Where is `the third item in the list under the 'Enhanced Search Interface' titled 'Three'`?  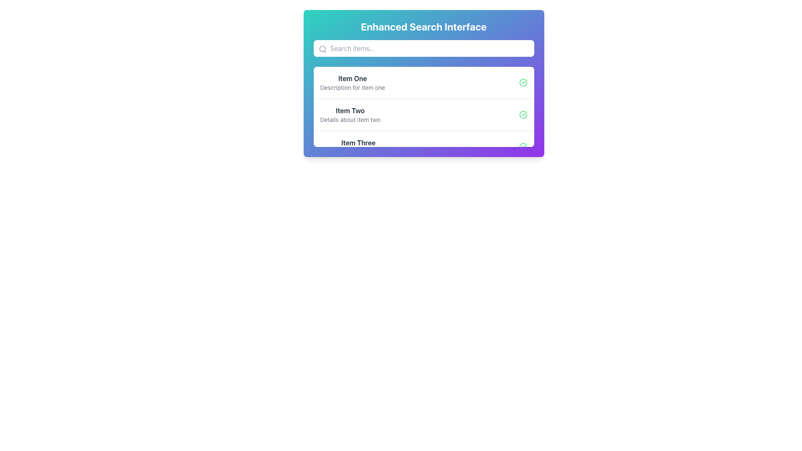
the third item in the list under the 'Enhanced Search Interface' titled 'Three' is located at coordinates (358, 146).